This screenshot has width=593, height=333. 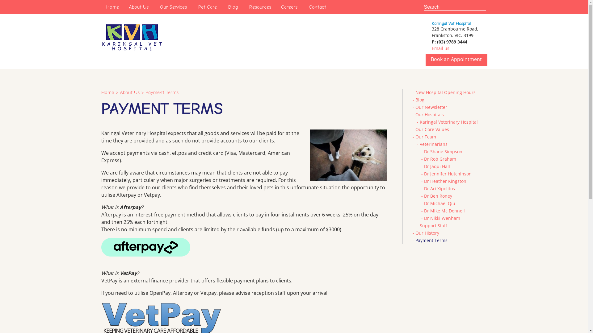 I want to click on 'Dr Heather Kingston', so click(x=445, y=181).